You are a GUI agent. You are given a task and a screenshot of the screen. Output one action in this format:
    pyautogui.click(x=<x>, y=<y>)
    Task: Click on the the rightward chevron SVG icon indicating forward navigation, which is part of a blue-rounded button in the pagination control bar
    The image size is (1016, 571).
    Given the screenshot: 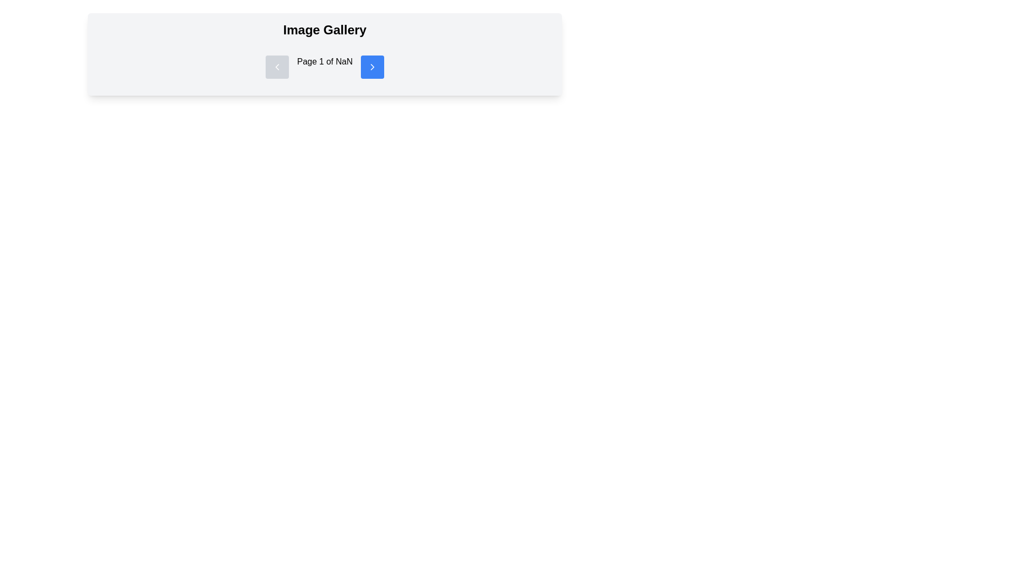 What is the action you would take?
    pyautogui.click(x=373, y=67)
    